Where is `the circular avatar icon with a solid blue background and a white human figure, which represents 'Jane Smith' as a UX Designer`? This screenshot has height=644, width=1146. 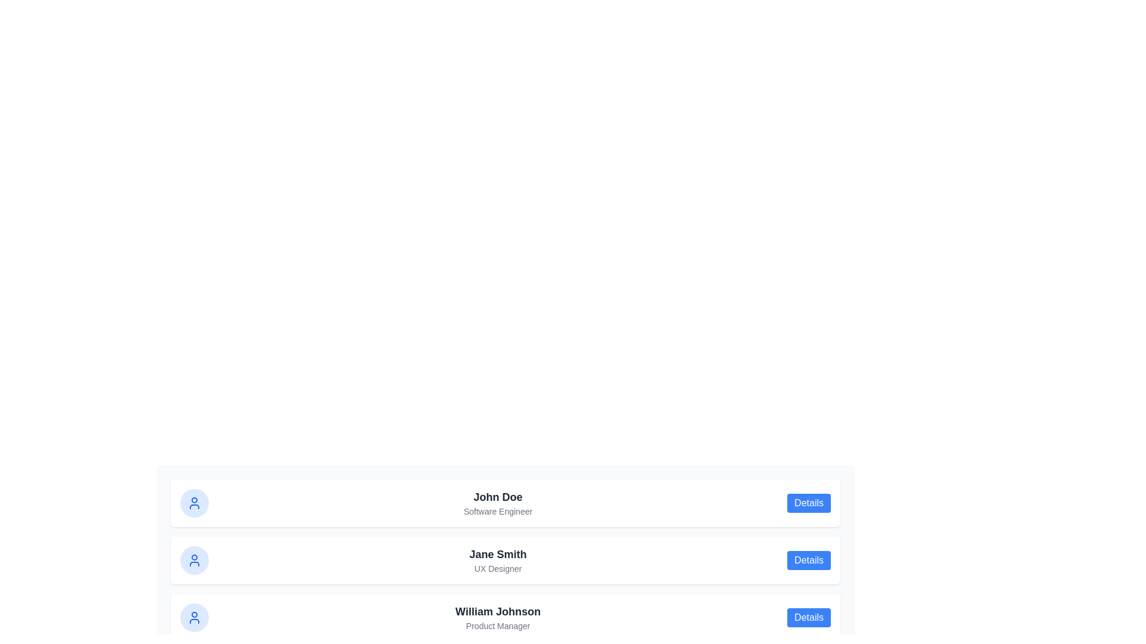
the circular avatar icon with a solid blue background and a white human figure, which represents 'Jane Smith' as a UX Designer is located at coordinates (195, 561).